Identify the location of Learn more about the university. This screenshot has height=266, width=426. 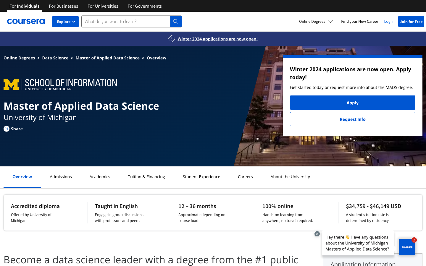
(290, 176).